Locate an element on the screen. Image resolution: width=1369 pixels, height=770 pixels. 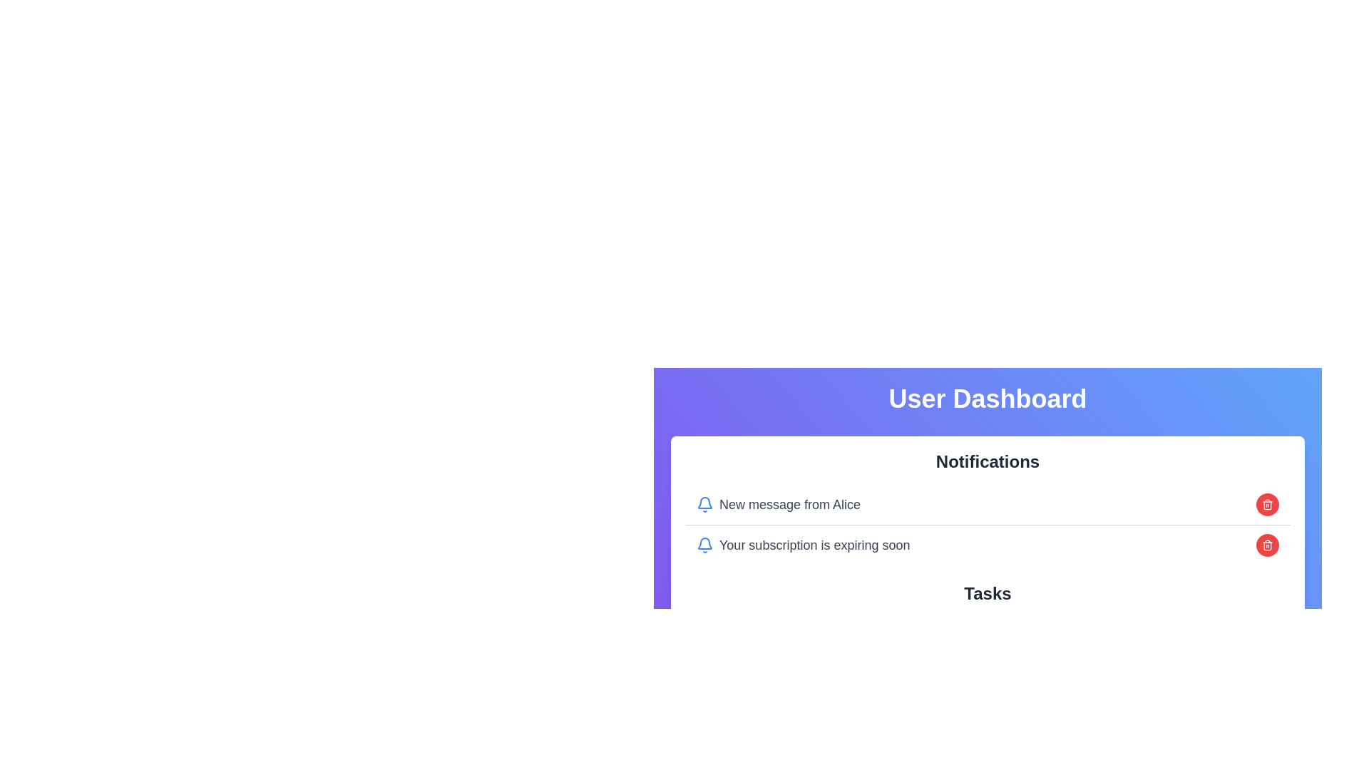
the delete button located on the right side of the second notification row, next to the text 'Your subscription is expiring soon,' is located at coordinates (1267, 545).